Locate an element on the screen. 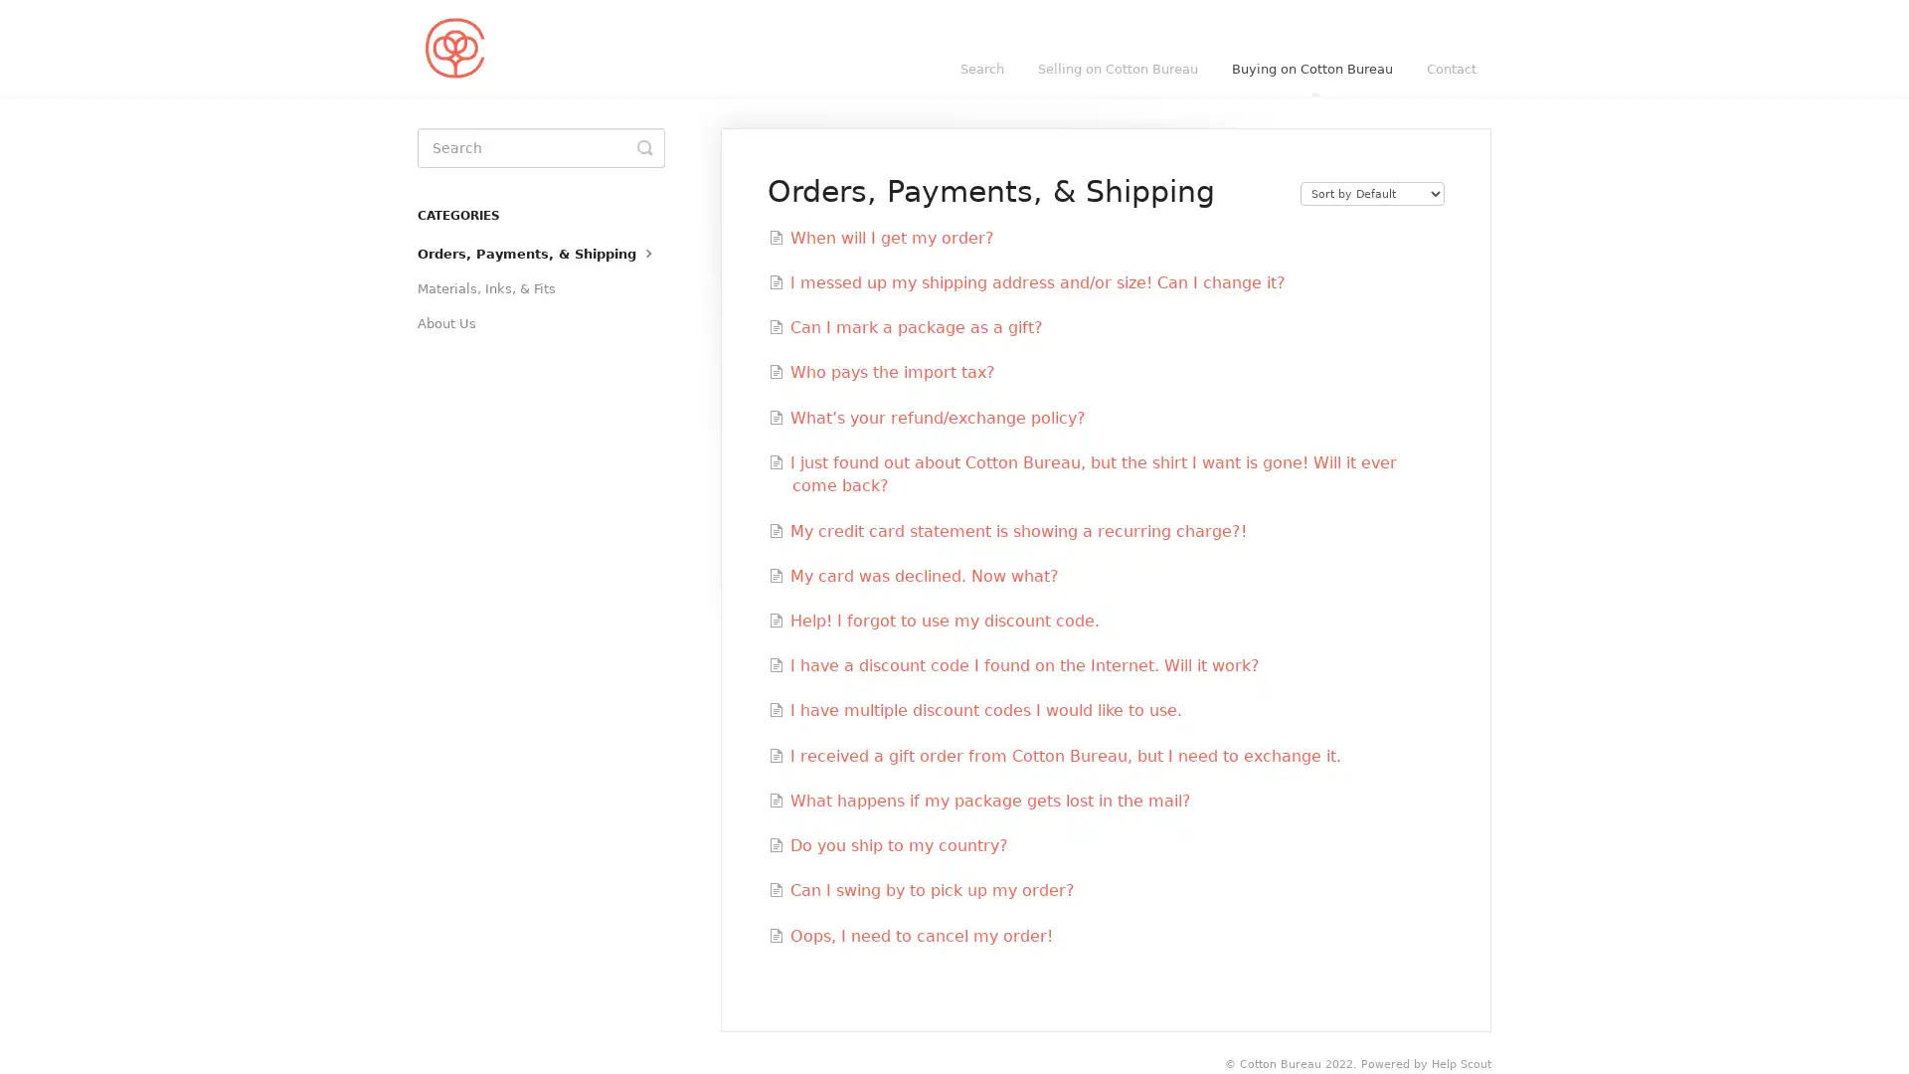 This screenshot has height=1074, width=1909. Toggle Search is located at coordinates (644, 147).